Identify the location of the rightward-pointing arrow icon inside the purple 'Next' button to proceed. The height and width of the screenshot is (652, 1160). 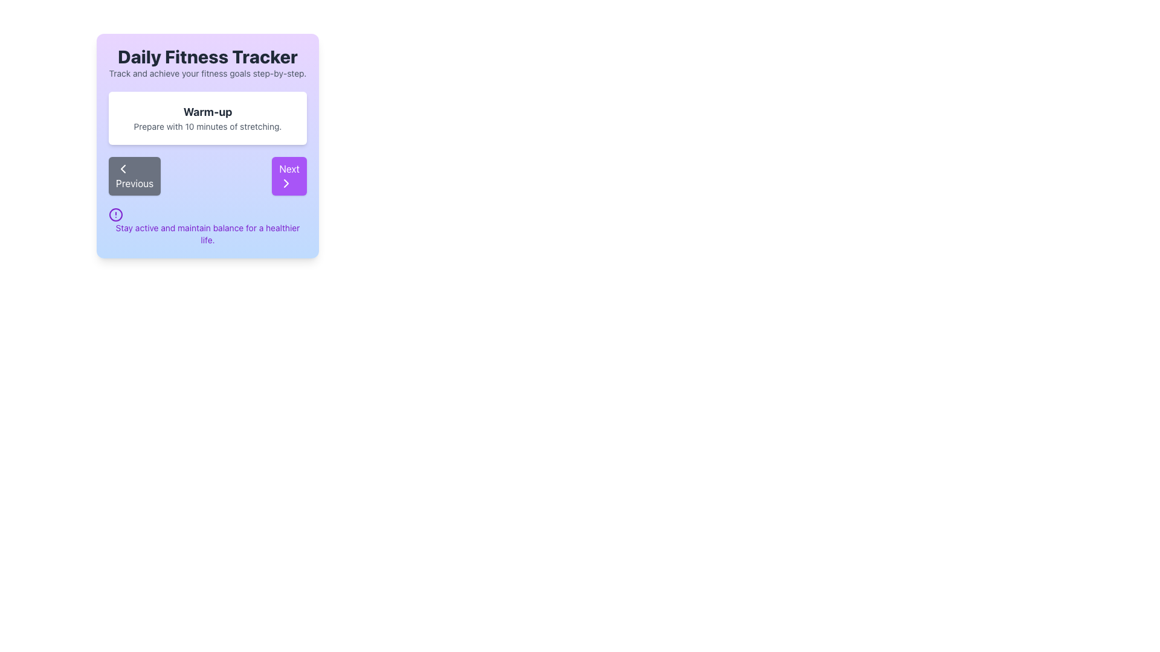
(286, 184).